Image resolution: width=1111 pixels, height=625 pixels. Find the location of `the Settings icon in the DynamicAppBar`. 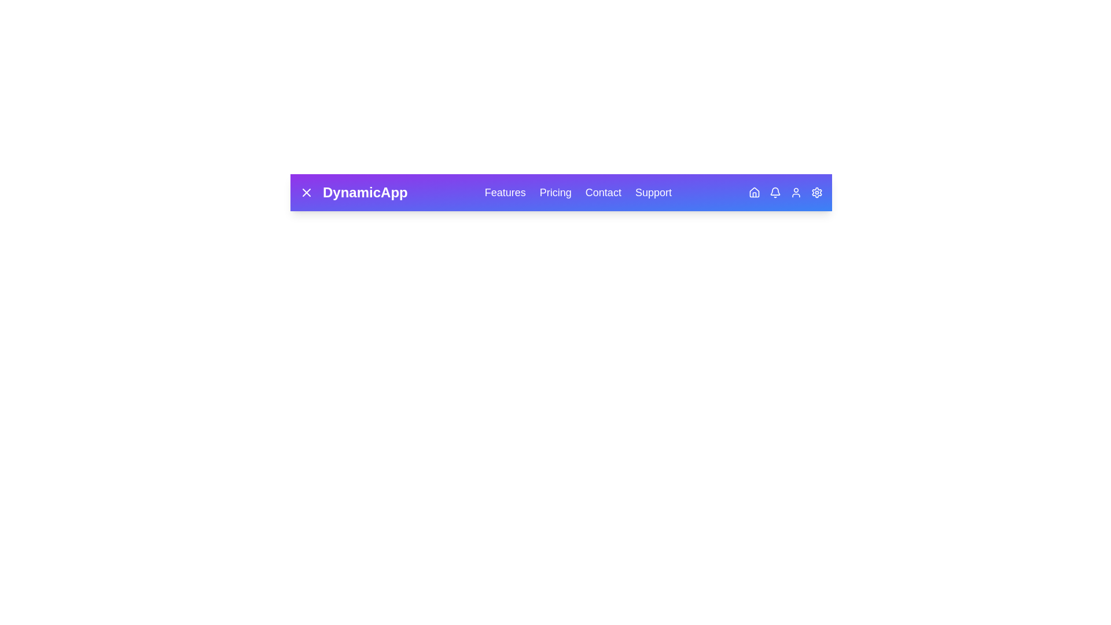

the Settings icon in the DynamicAppBar is located at coordinates (816, 192).